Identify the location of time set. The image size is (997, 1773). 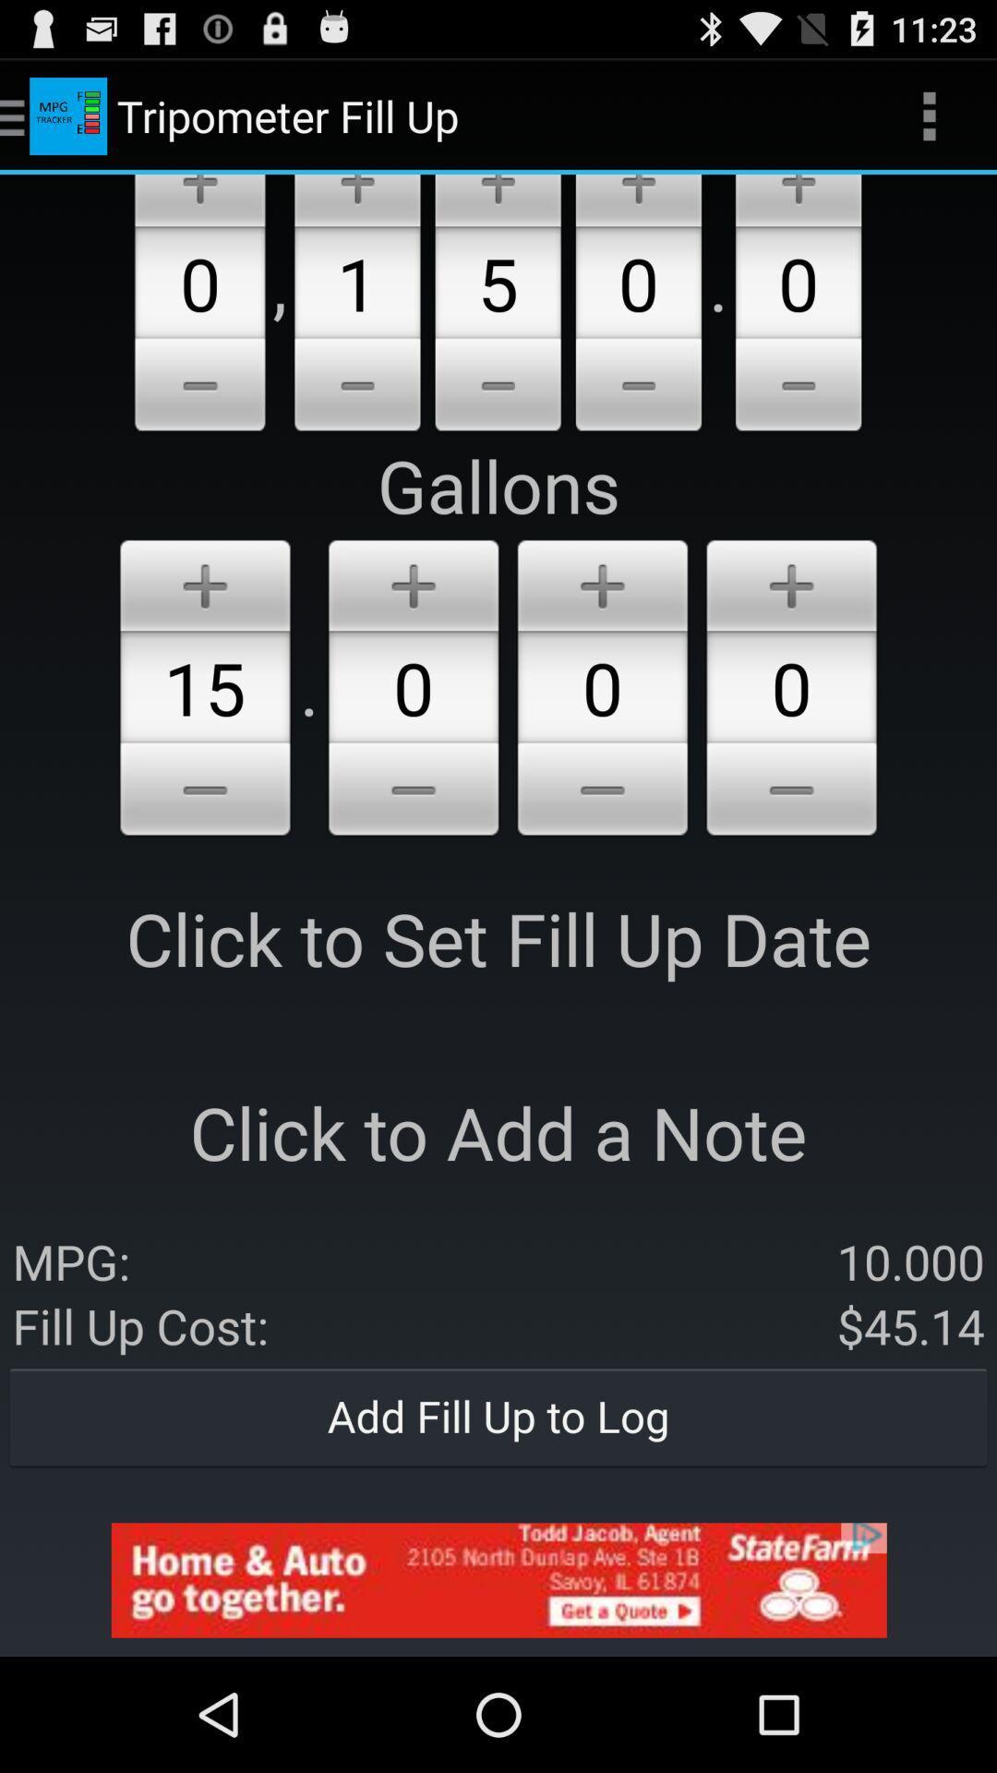
(798, 200).